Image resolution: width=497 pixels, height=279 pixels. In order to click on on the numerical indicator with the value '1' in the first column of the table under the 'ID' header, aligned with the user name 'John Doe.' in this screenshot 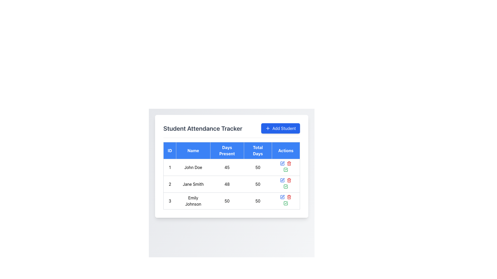, I will do `click(170, 167)`.